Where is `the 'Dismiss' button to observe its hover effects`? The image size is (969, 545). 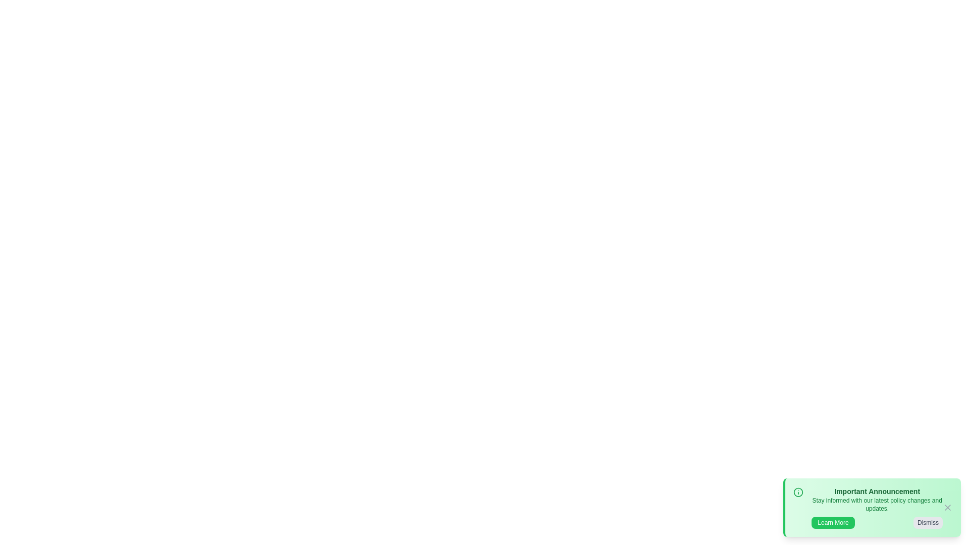 the 'Dismiss' button to observe its hover effects is located at coordinates (928, 522).